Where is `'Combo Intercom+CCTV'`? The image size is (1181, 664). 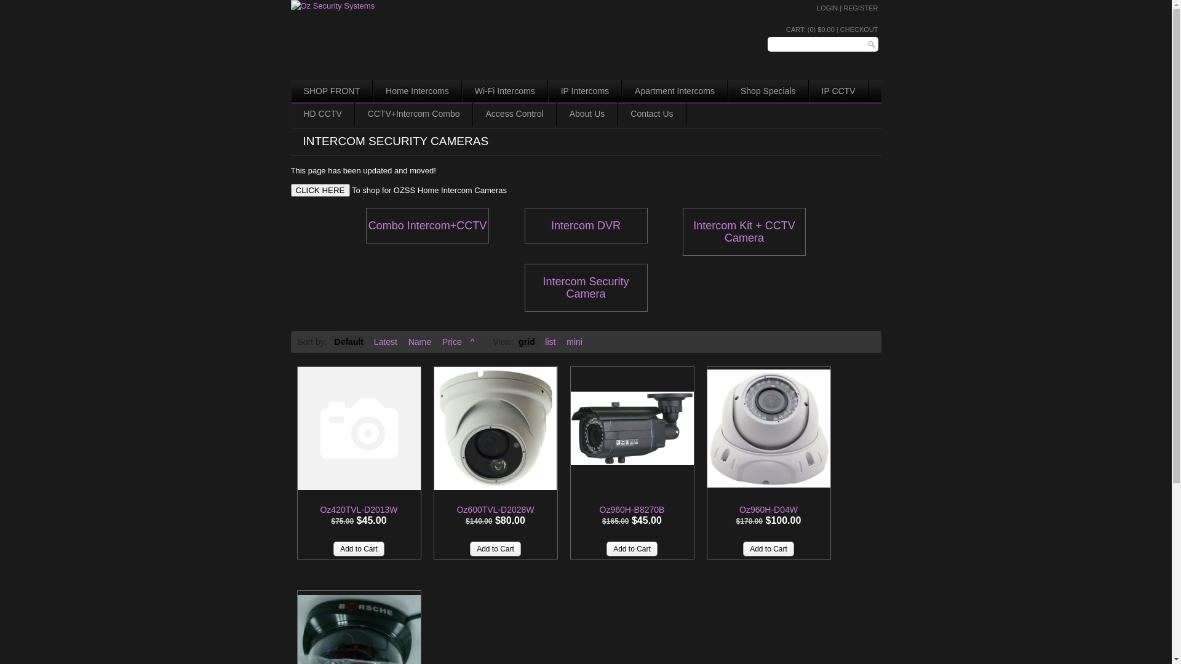 'Combo Intercom+CCTV' is located at coordinates (427, 225).